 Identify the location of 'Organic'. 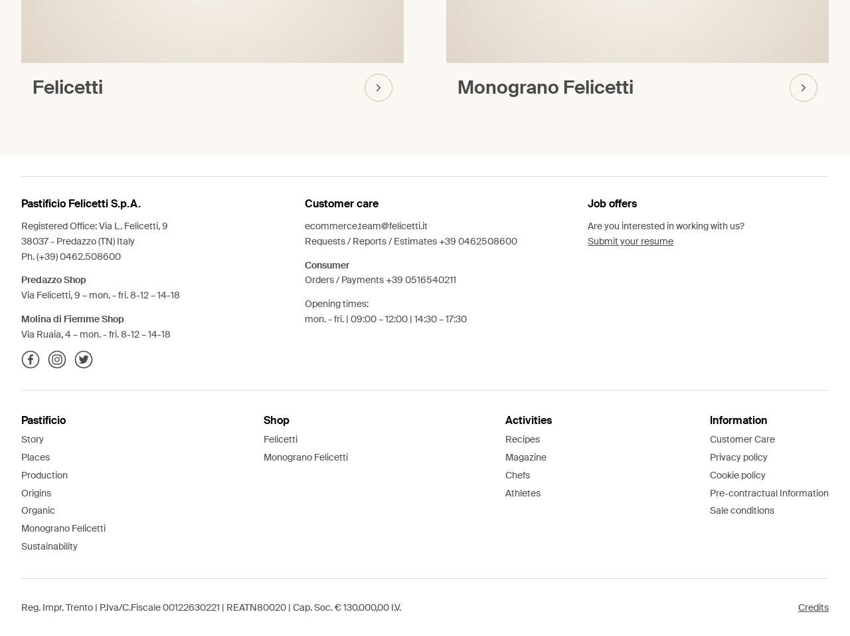
(38, 509).